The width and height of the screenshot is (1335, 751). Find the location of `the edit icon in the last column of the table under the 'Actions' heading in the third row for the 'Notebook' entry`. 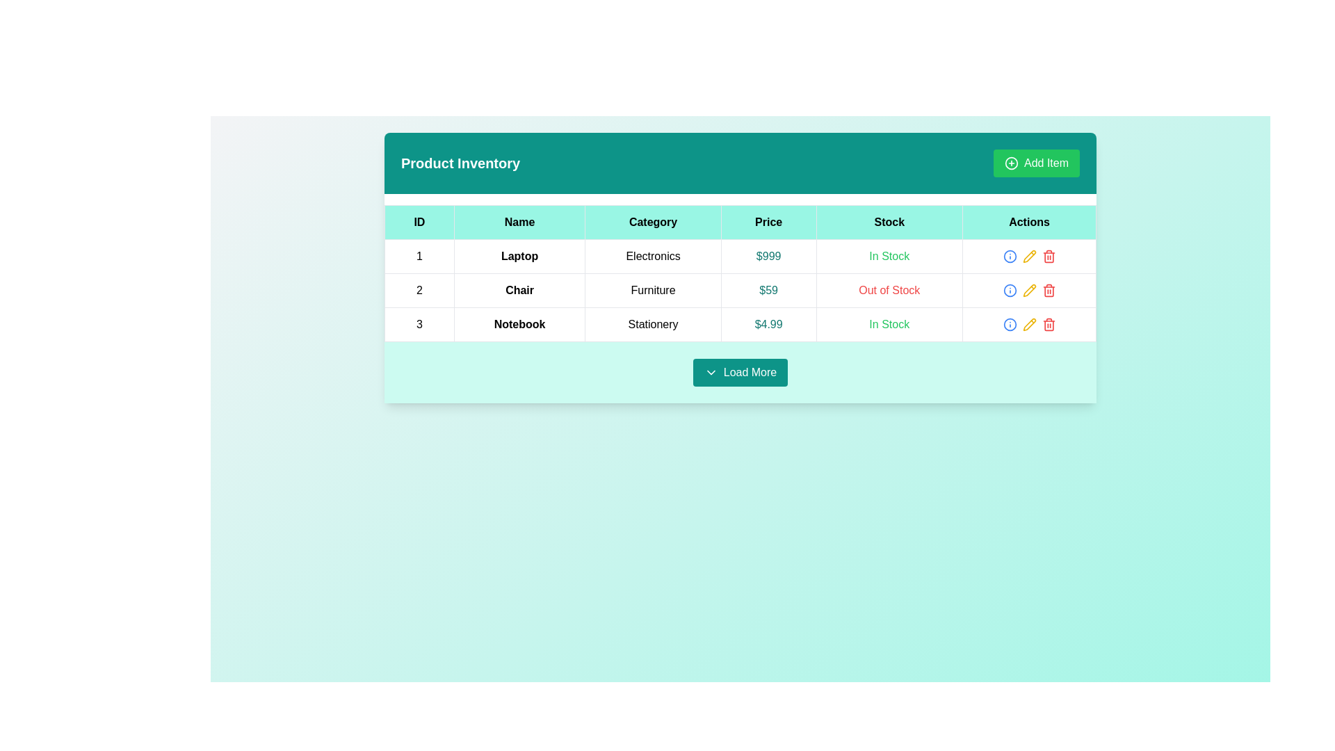

the edit icon in the last column of the table under the 'Actions' heading in the third row for the 'Notebook' entry is located at coordinates (1029, 257).